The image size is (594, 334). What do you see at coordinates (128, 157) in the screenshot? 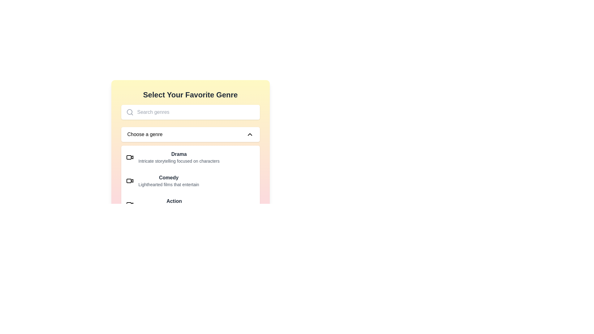
I see `the background SVG rectangle of the video icon representing the 'Drama' genre in the genre selection interface` at bounding box center [128, 157].